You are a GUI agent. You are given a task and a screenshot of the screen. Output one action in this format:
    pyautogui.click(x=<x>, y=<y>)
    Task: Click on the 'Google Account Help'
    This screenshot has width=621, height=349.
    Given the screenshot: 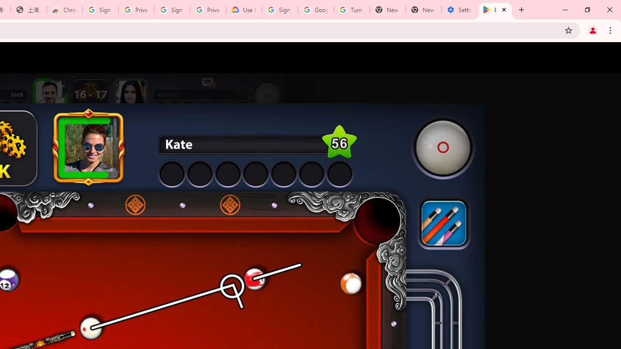 What is the action you would take?
    pyautogui.click(x=316, y=10)
    